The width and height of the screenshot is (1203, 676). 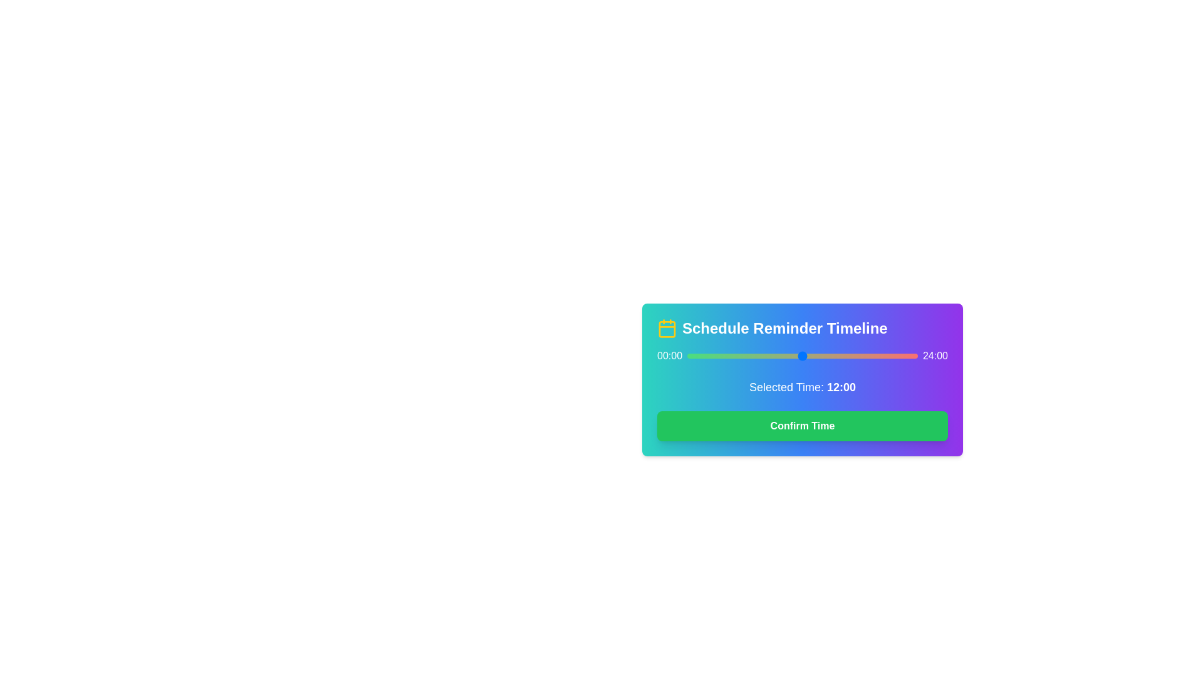 I want to click on the header icon to interact visually, so click(x=667, y=327).